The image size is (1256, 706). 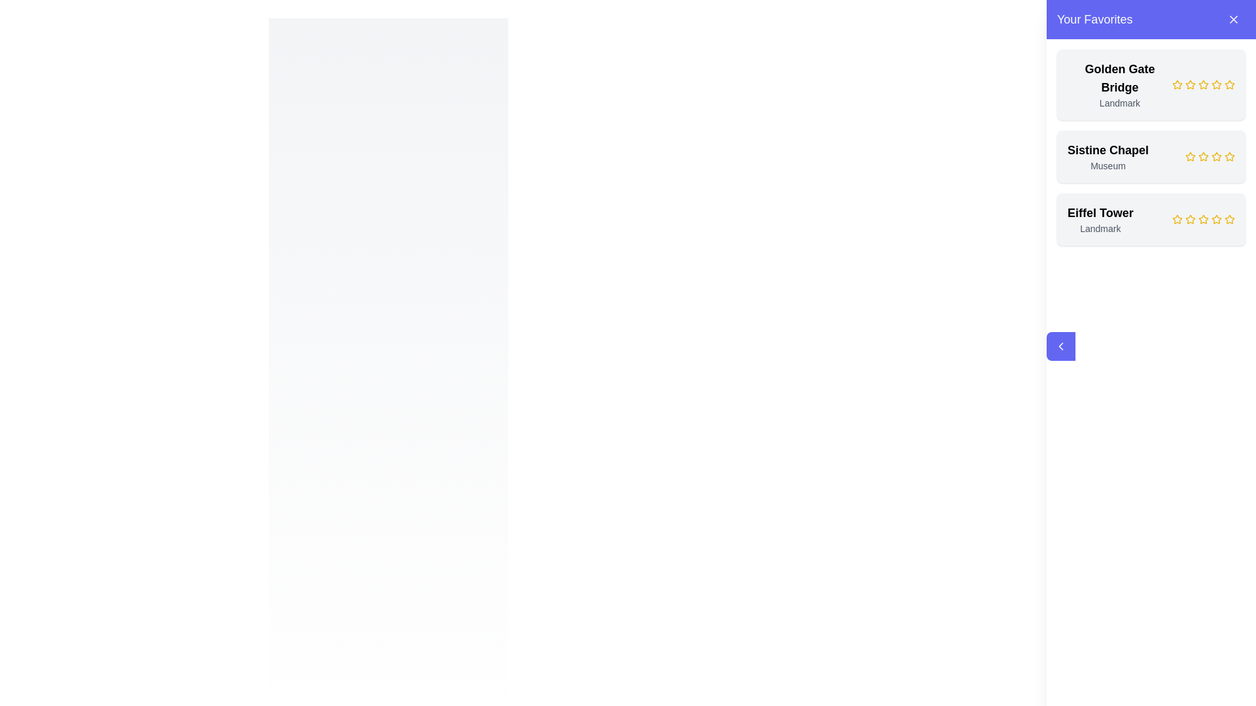 I want to click on the fifth star icon in the rating stars for the 'Sistine Chapel' card in the 'Your Favorites' listing panel, so click(x=1216, y=156).